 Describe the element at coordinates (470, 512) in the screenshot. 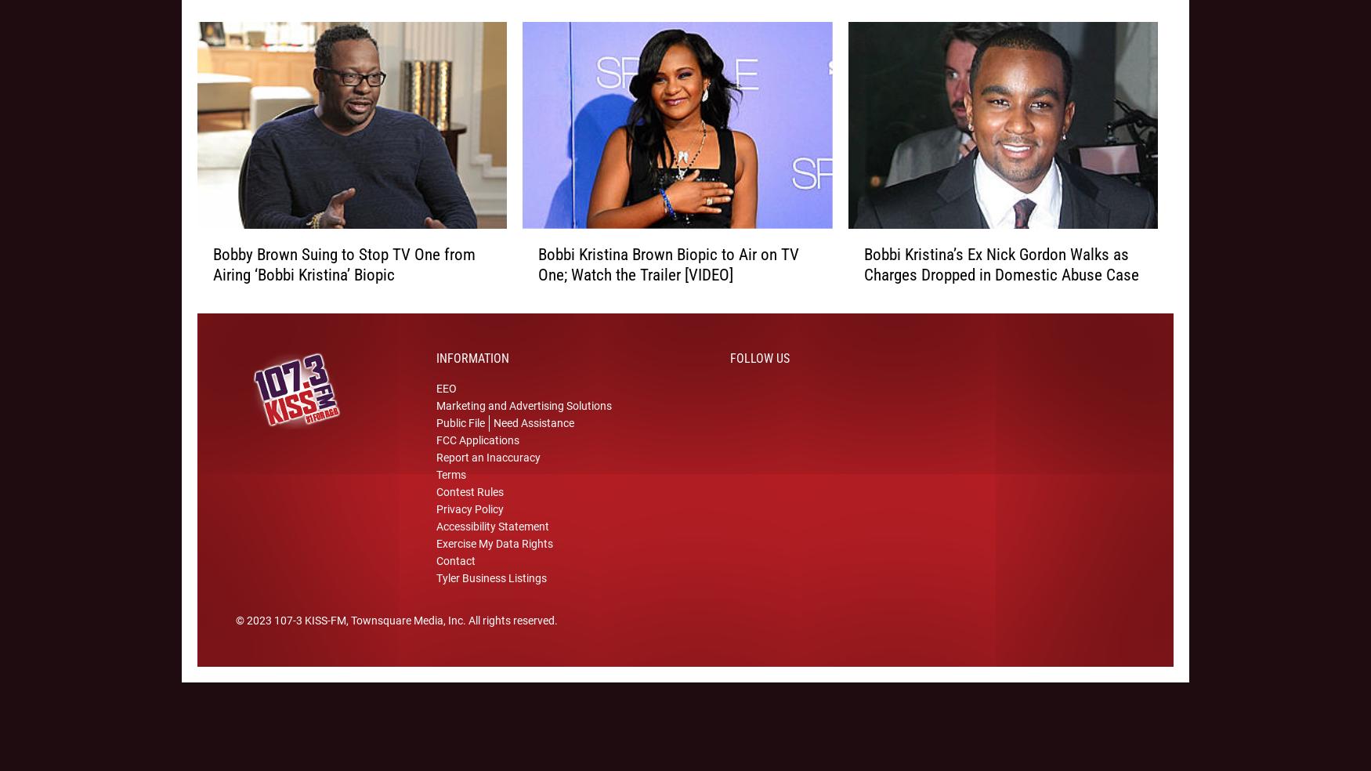

I see `'Contest Rules'` at that location.